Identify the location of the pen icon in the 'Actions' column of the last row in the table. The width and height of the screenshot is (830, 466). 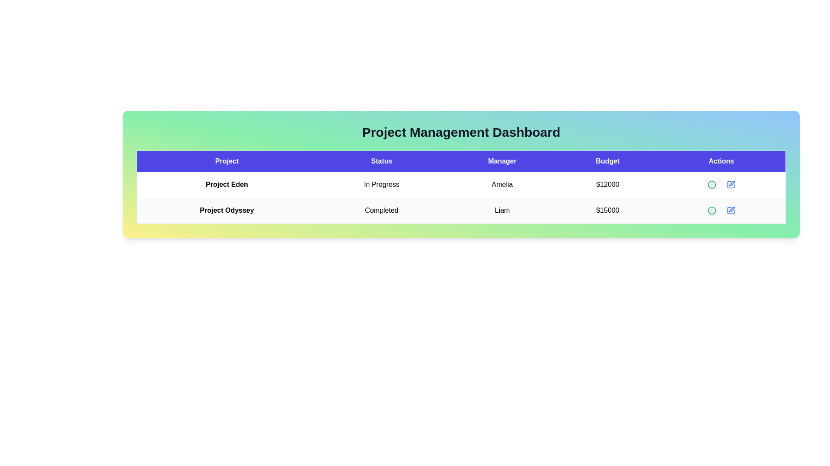
(730, 211).